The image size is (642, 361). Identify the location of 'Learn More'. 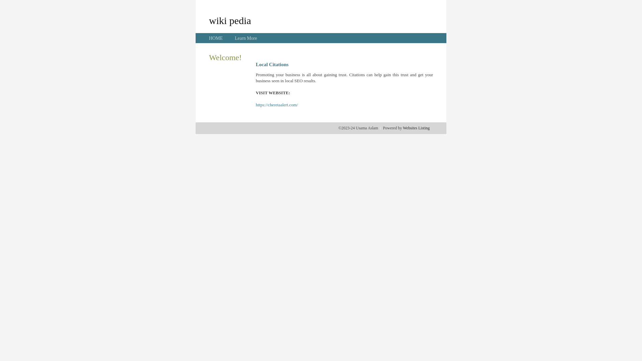
(245, 38).